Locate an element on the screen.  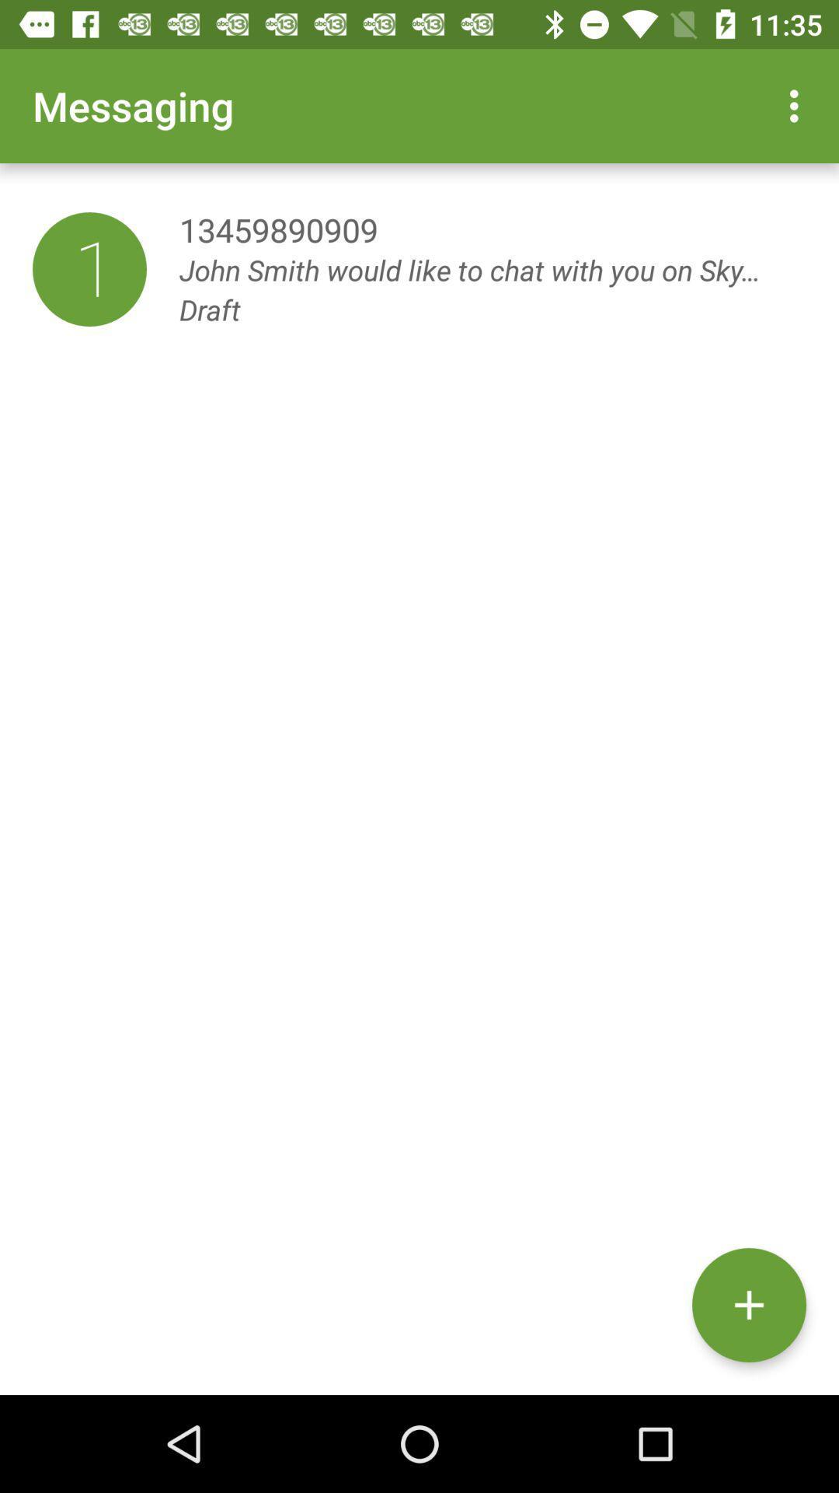
the icon to the right of the messaging app is located at coordinates (798, 105).